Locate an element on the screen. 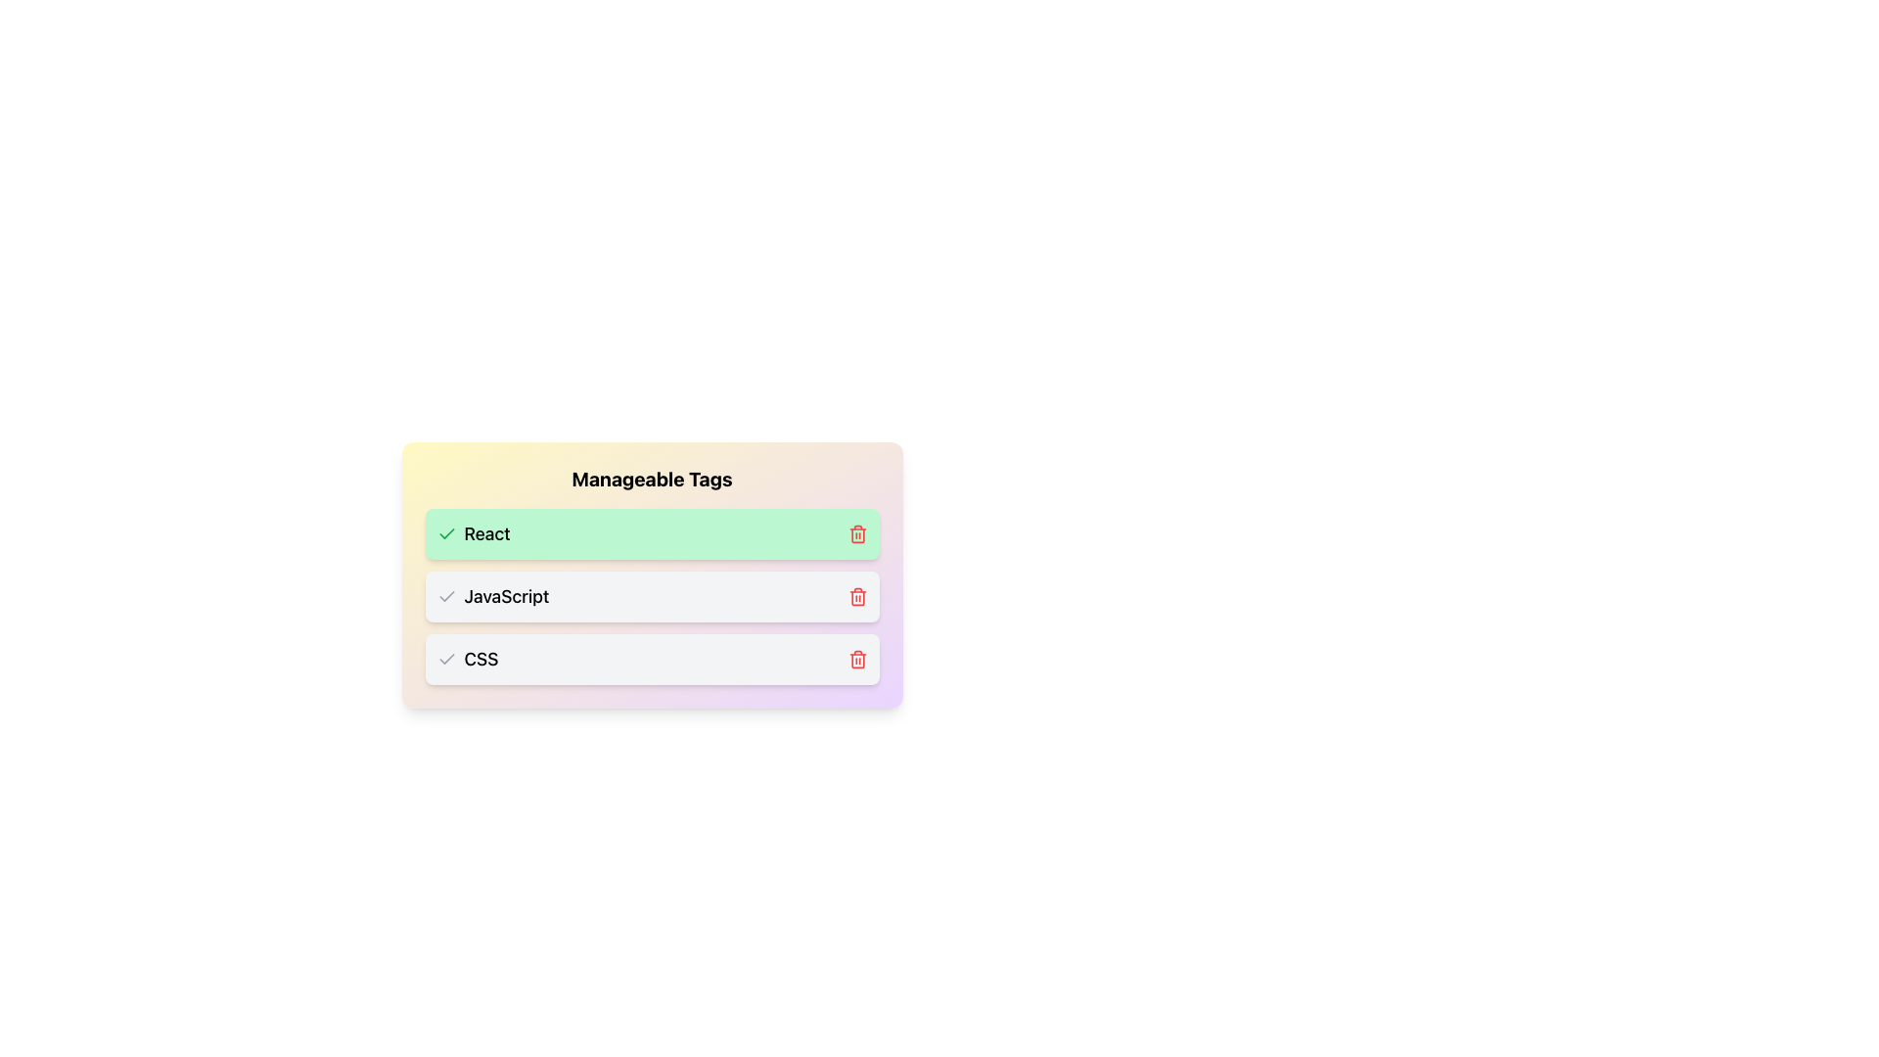  text content of the label indicating the name of the tag 'CSS' in the third row of the 'Manageable Tags' list is located at coordinates (481, 660).